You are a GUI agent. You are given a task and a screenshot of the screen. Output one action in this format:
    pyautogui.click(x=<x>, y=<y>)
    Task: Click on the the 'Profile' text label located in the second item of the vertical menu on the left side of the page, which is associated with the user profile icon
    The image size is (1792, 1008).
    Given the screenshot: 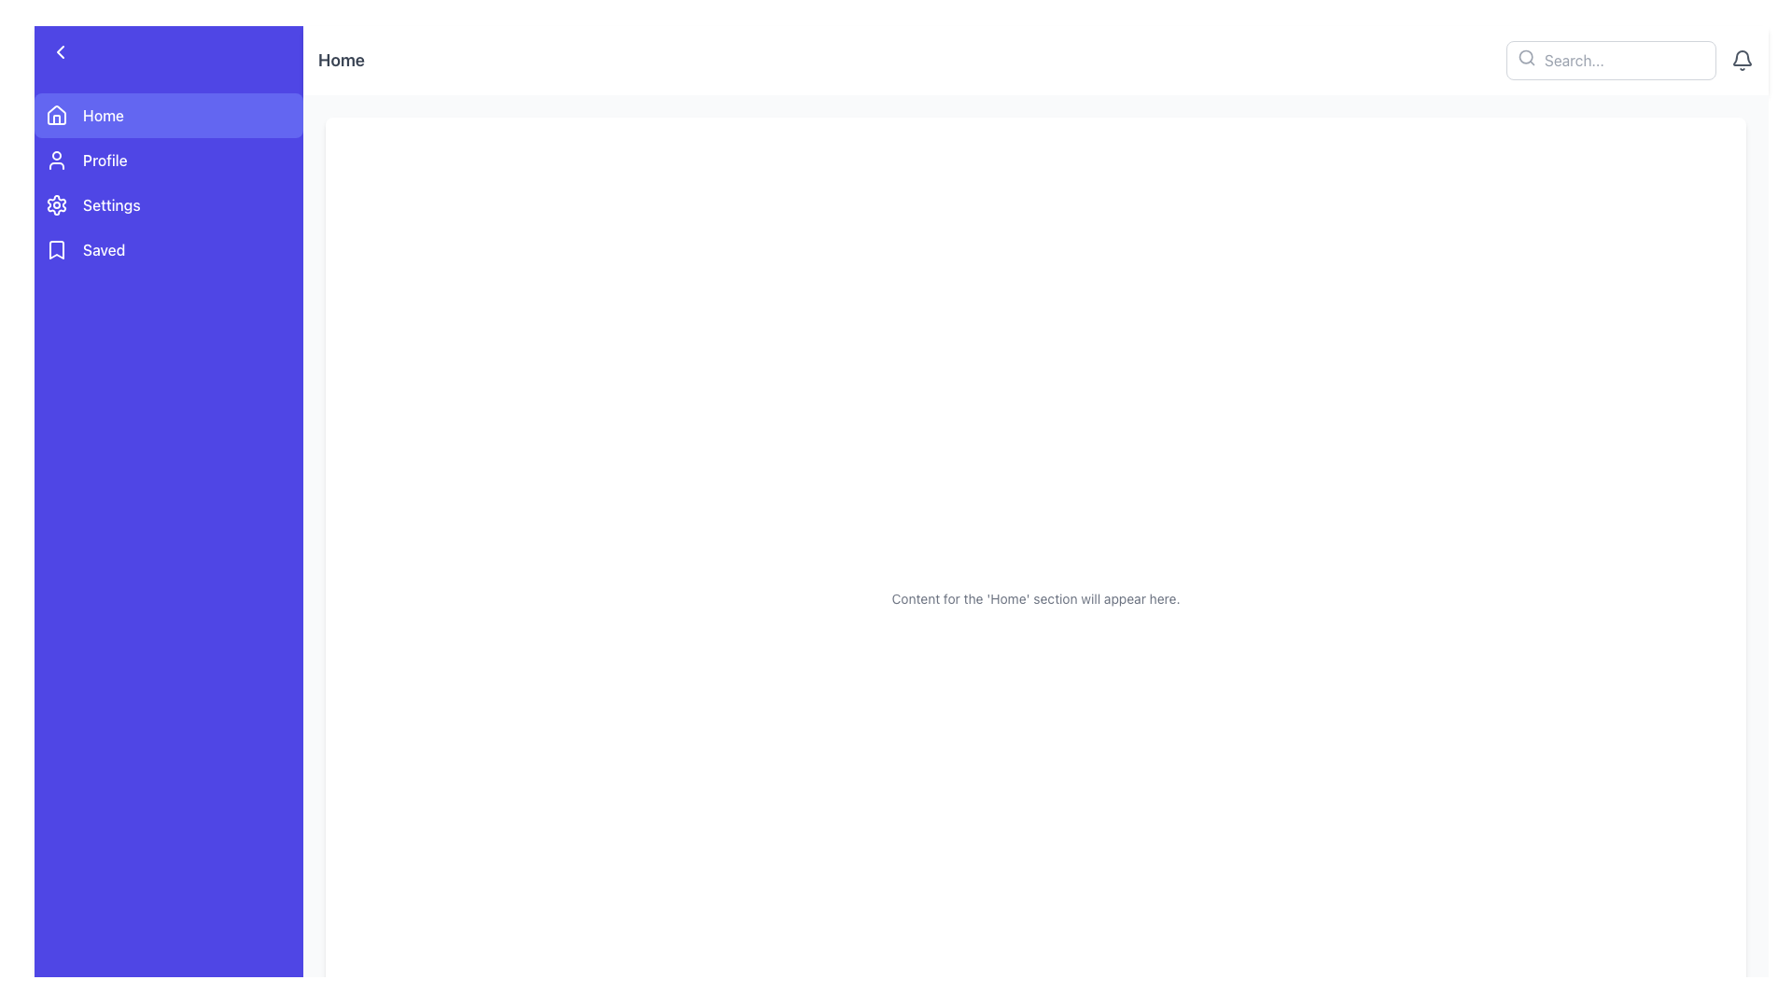 What is the action you would take?
    pyautogui.click(x=104, y=160)
    